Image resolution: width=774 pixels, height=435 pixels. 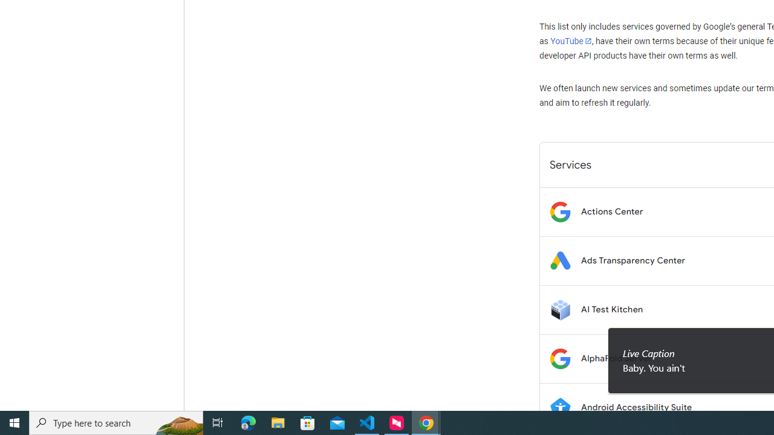 I want to click on 'Logo for Ads Transparency Center', so click(x=559, y=260).